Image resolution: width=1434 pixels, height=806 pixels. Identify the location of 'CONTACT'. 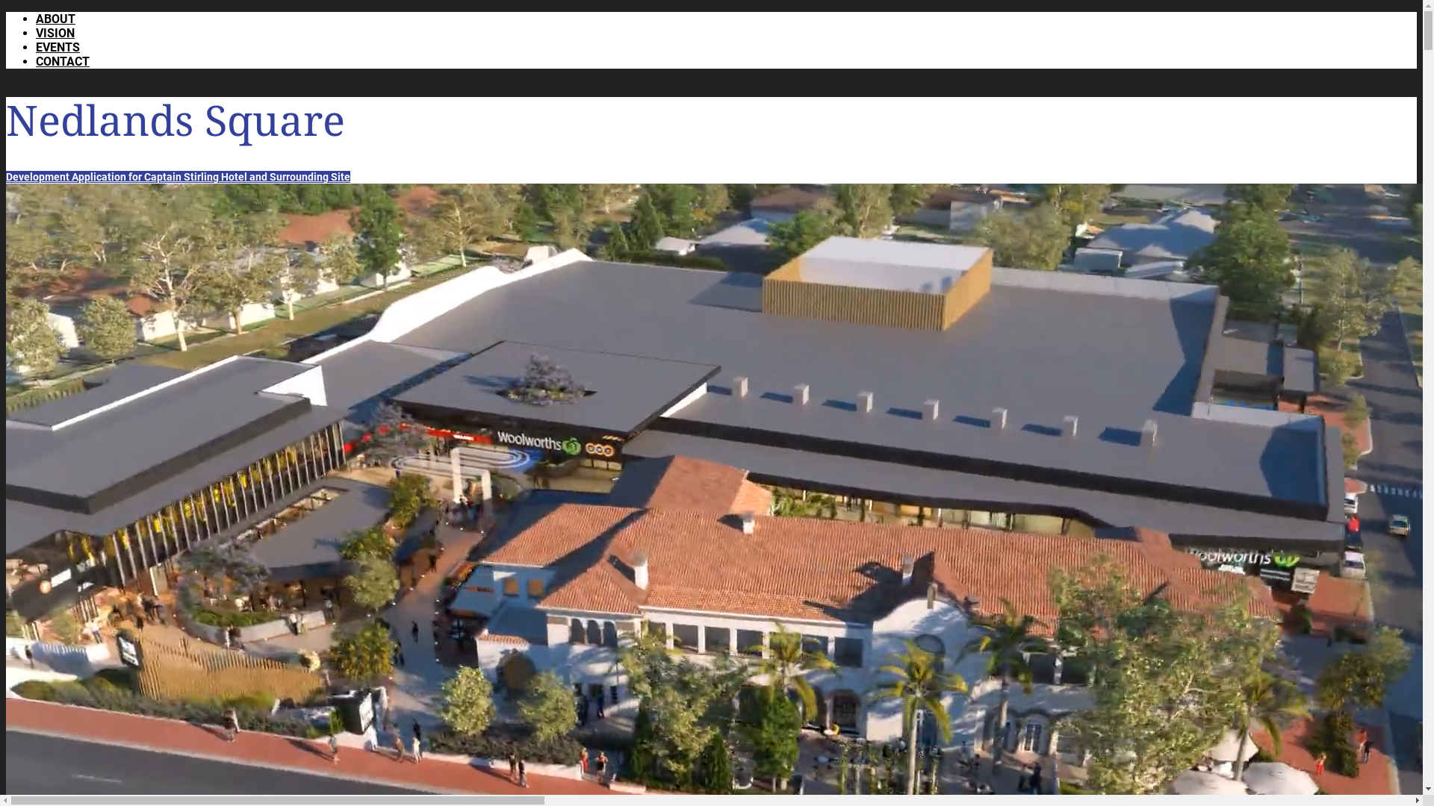
(36, 60).